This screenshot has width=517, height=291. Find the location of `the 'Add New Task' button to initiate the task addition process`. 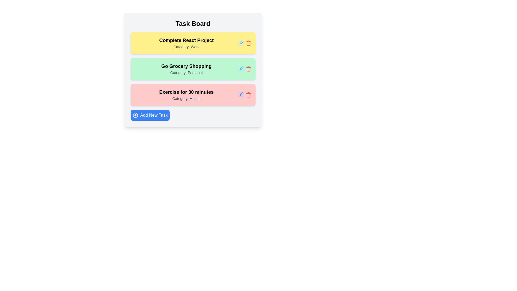

the 'Add New Task' button to initiate the task addition process is located at coordinates (150, 115).